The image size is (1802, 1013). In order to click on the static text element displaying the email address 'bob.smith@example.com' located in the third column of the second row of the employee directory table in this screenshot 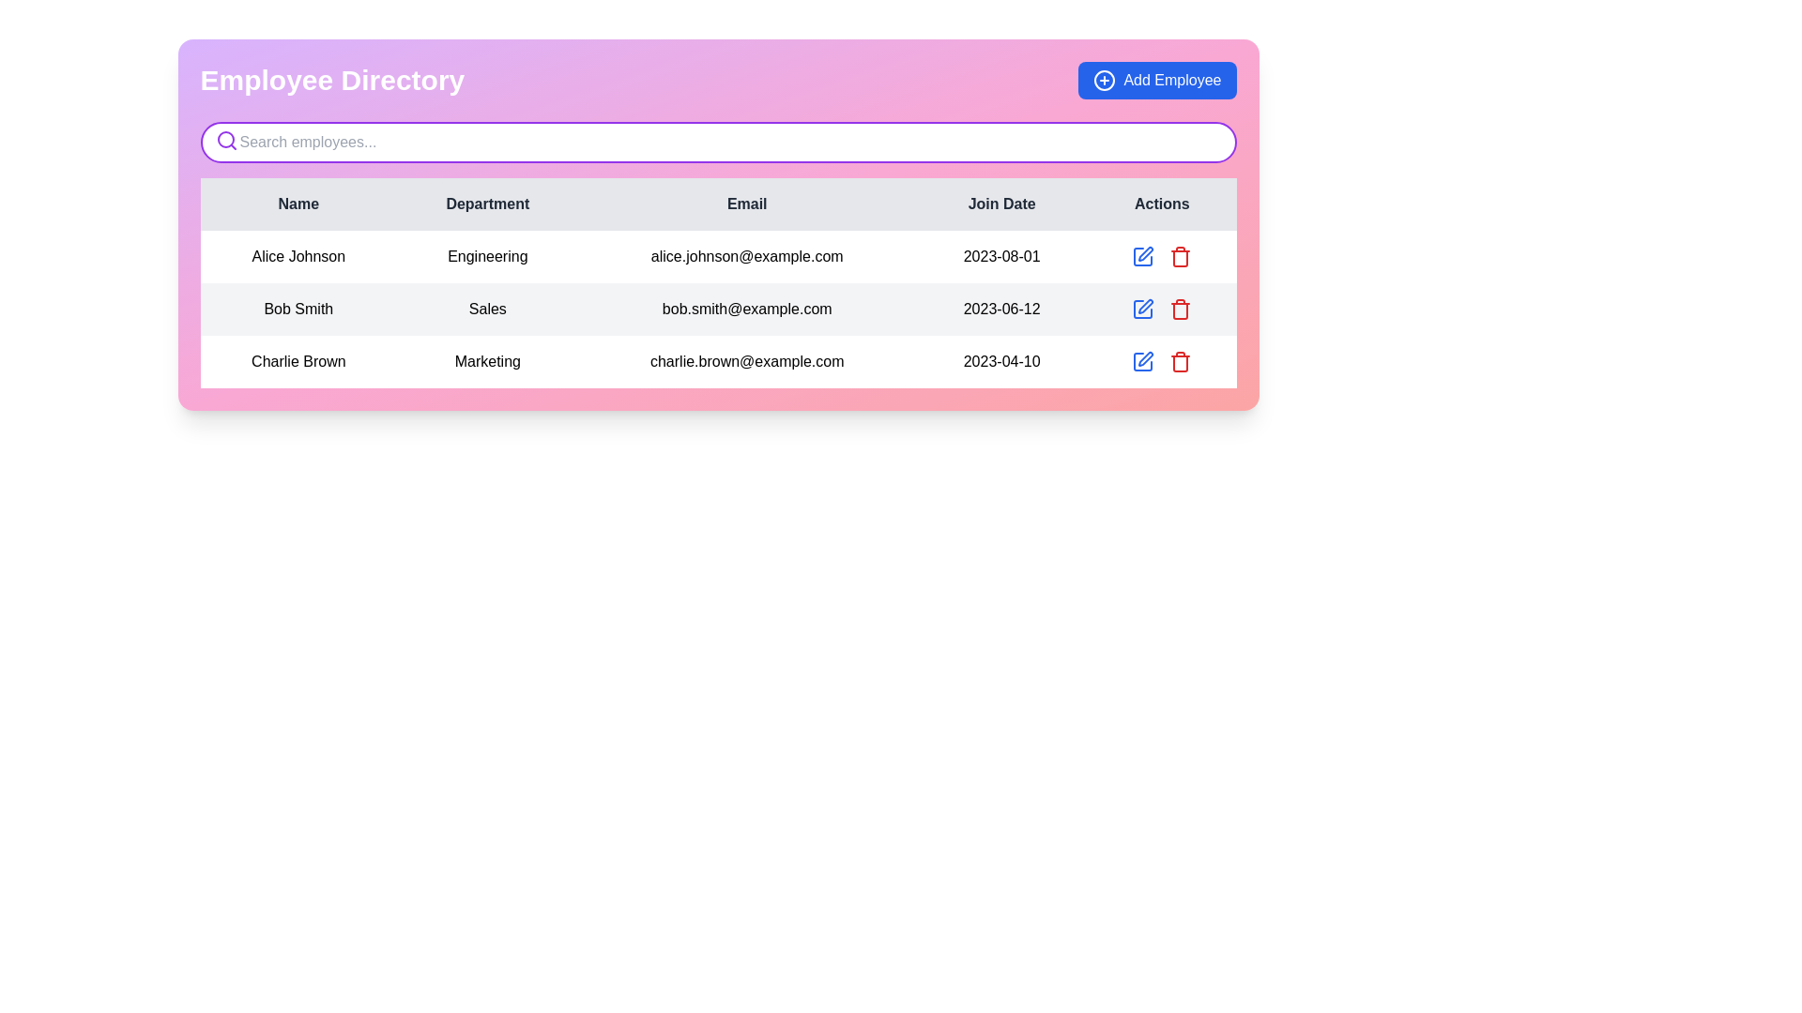, I will do `click(746, 309)`.